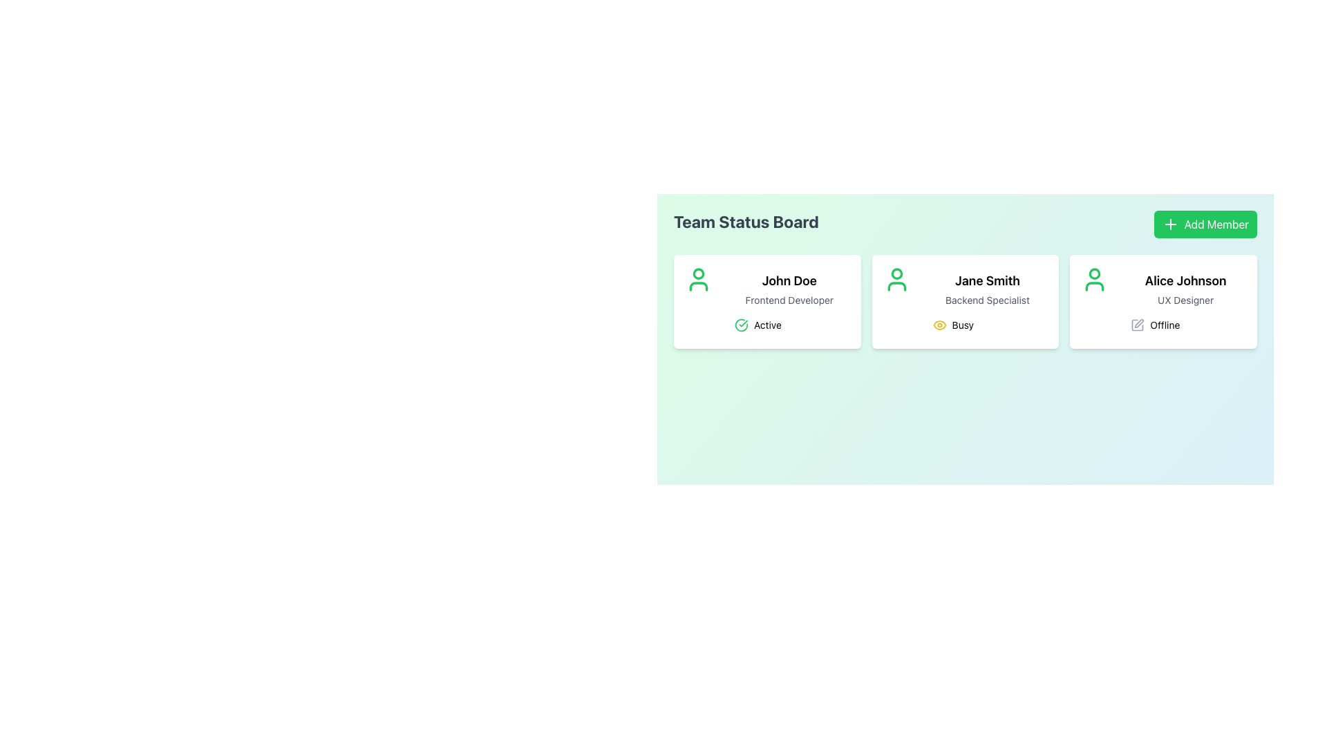  Describe the element at coordinates (896, 274) in the screenshot. I see `the circular shape with a green border that is part of the user icon on the card labeled 'John Doe' in the Team Status Board` at that location.